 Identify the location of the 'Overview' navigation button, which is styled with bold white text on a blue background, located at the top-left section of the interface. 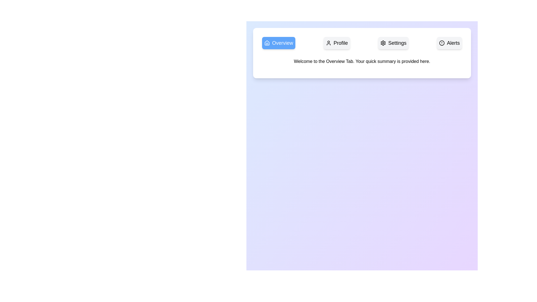
(282, 43).